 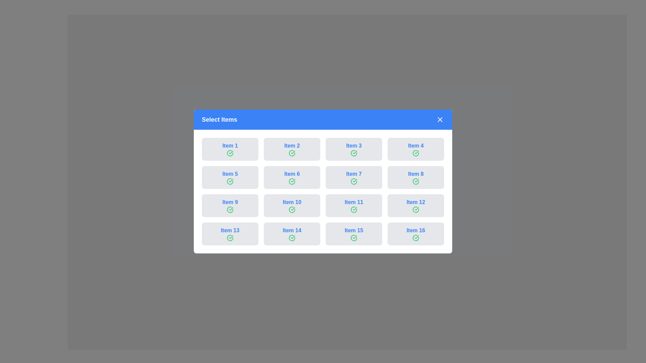 I want to click on close button to dismiss the dialog, so click(x=440, y=119).